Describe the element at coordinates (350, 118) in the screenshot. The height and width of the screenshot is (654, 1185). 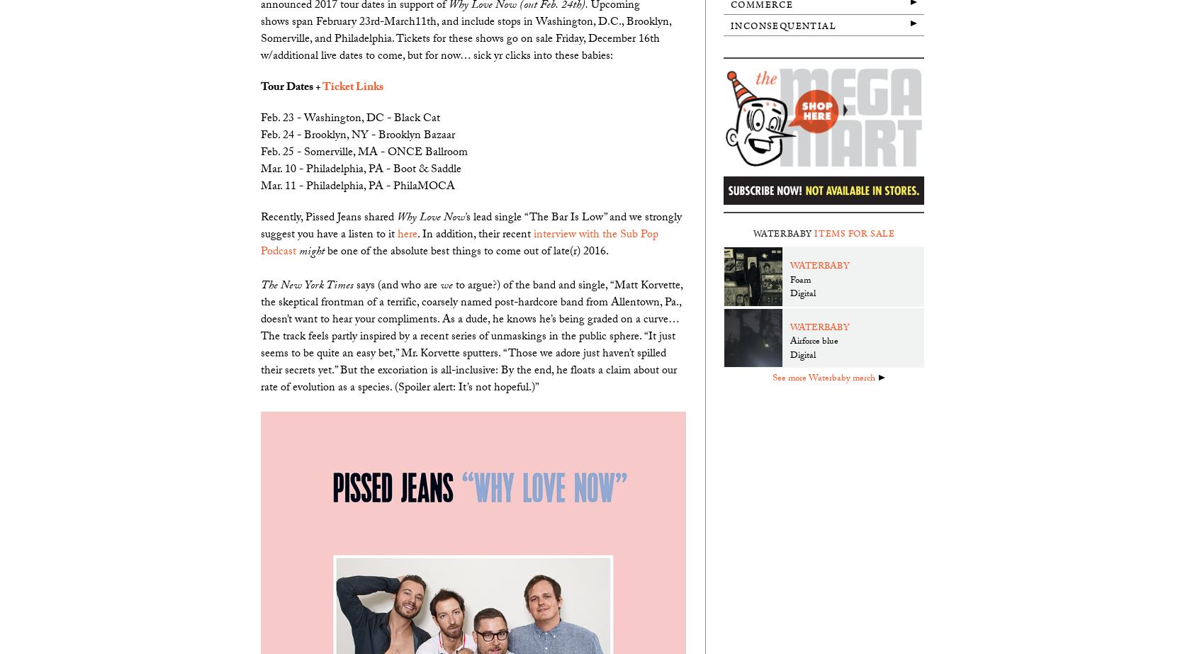
I see `'Feb. 23 - Washington, DC - Black Cat'` at that location.